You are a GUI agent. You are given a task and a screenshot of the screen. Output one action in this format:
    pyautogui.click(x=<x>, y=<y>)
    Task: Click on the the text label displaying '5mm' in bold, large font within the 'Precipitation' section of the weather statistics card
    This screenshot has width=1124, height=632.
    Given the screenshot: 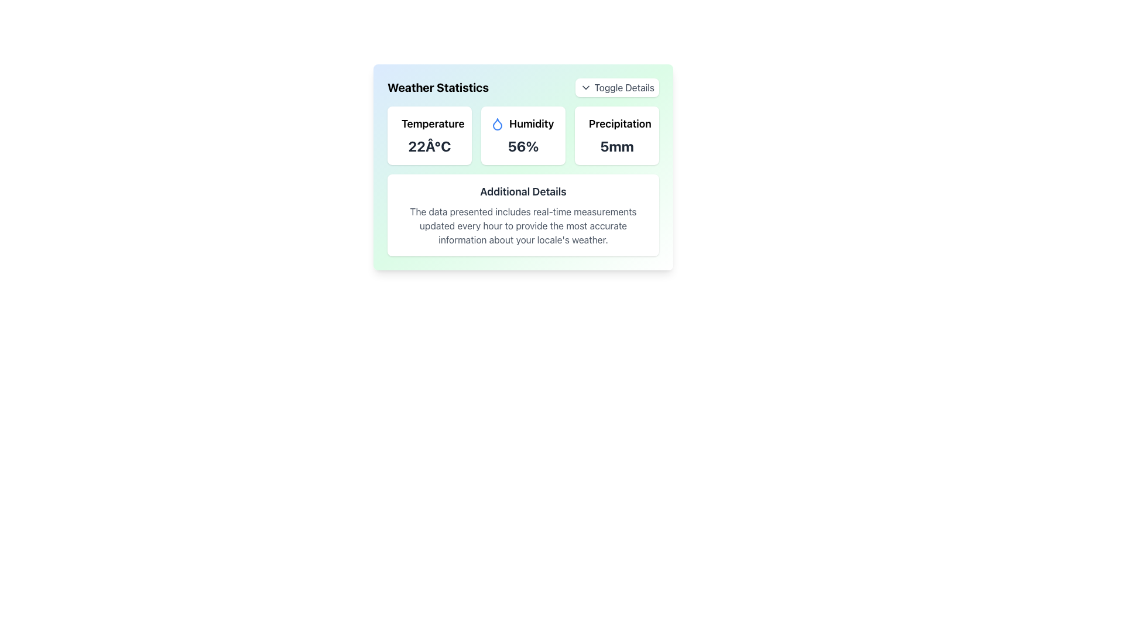 What is the action you would take?
    pyautogui.click(x=616, y=146)
    